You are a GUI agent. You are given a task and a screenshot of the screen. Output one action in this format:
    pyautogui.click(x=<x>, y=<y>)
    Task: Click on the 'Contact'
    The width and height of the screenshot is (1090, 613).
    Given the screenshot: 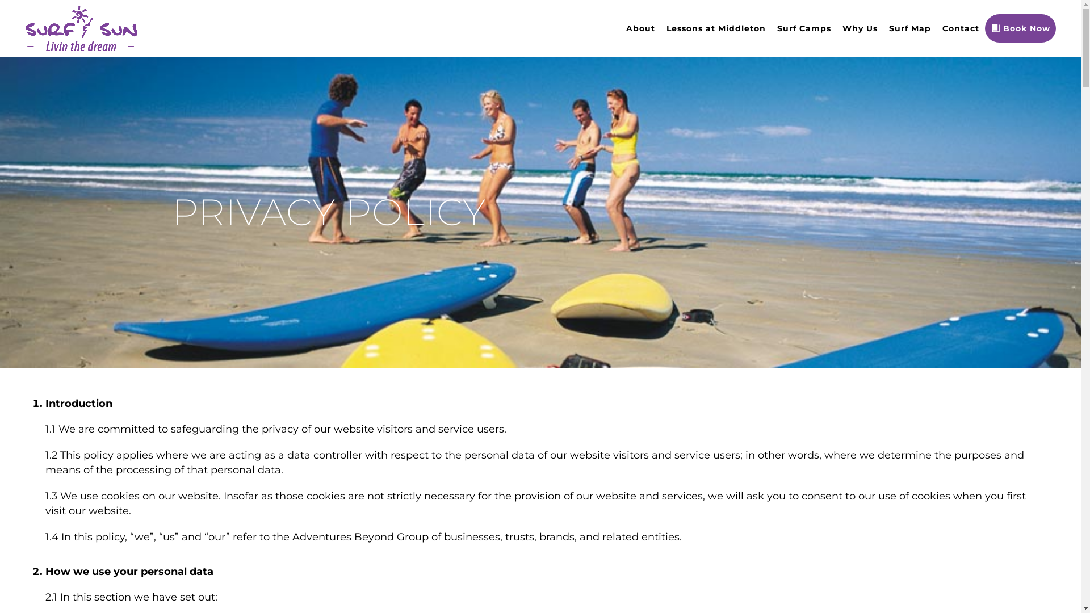 What is the action you would take?
    pyautogui.click(x=960, y=28)
    